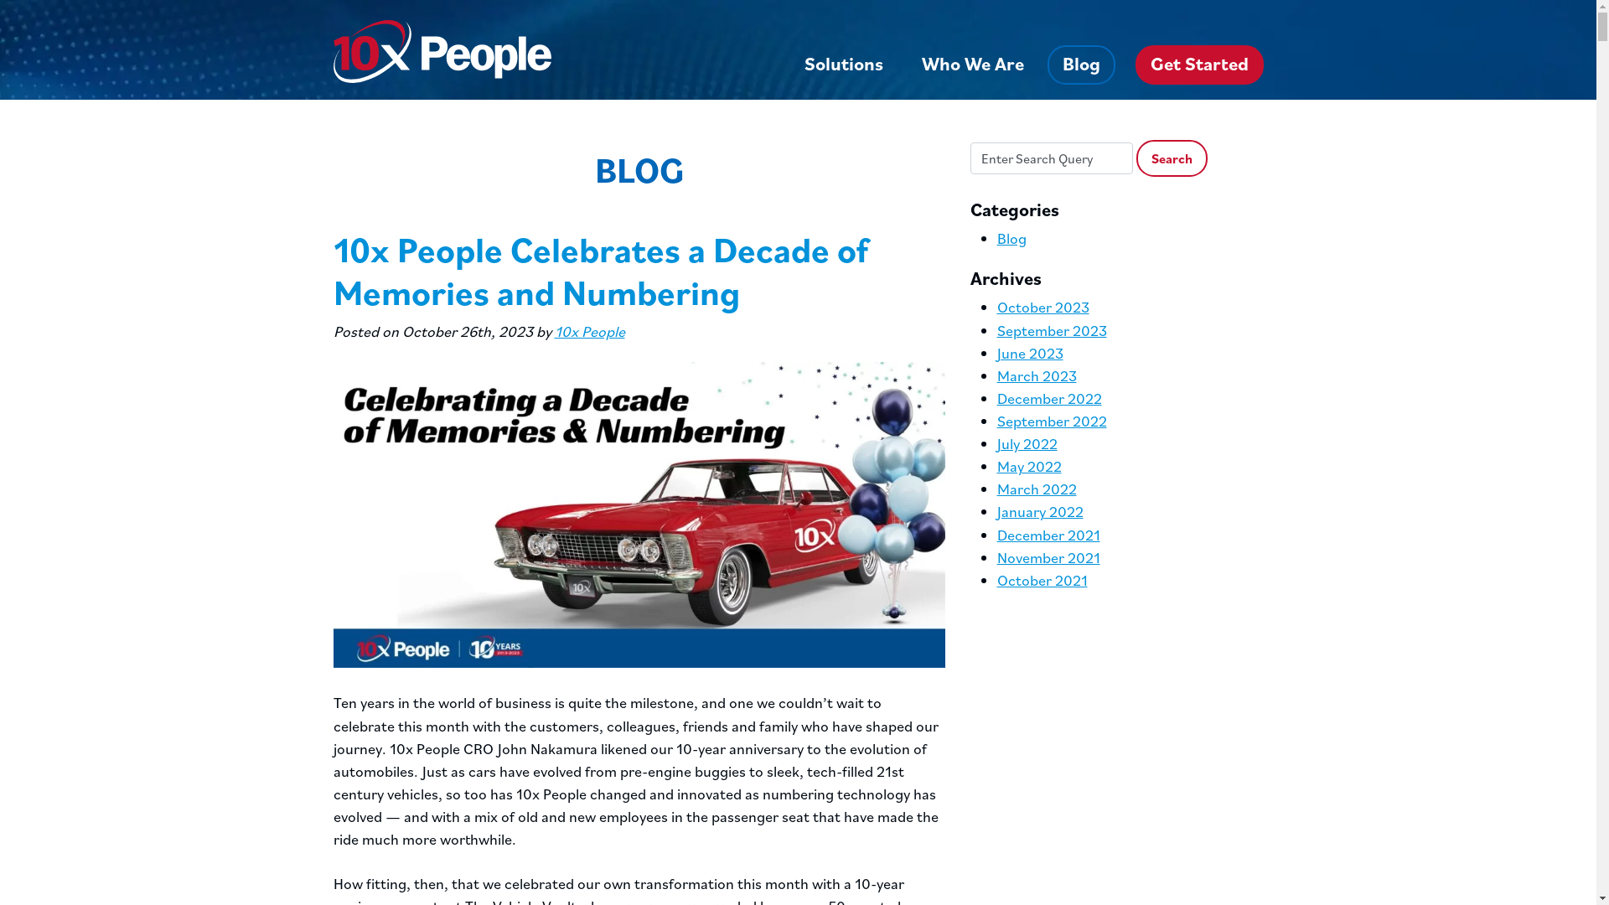  I want to click on 'September 2022', so click(1051, 420).